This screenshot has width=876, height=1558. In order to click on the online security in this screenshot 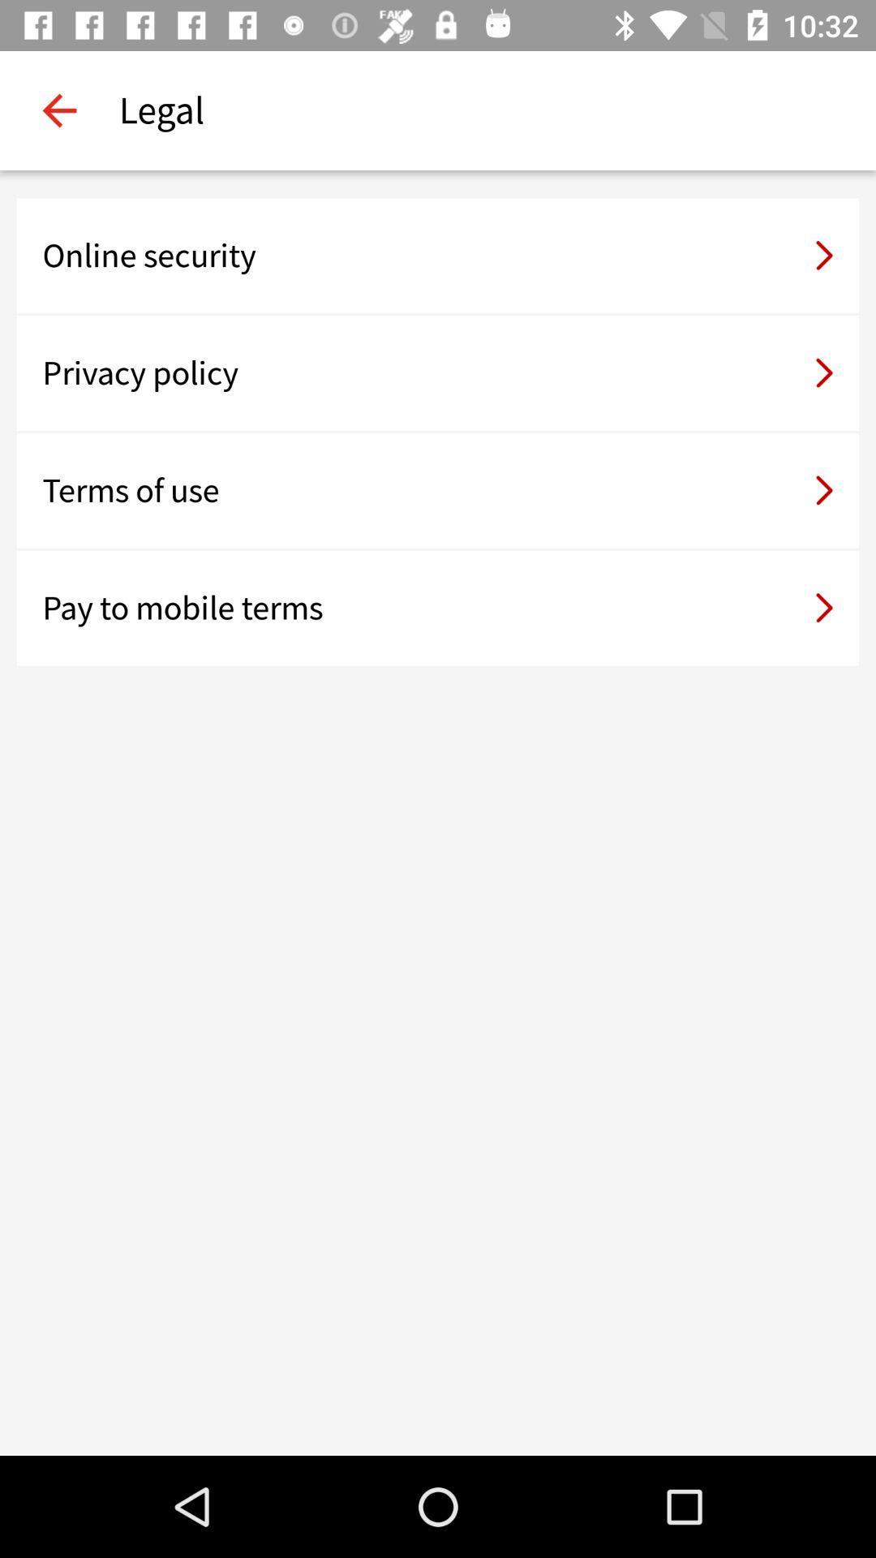, I will do `click(438, 255)`.